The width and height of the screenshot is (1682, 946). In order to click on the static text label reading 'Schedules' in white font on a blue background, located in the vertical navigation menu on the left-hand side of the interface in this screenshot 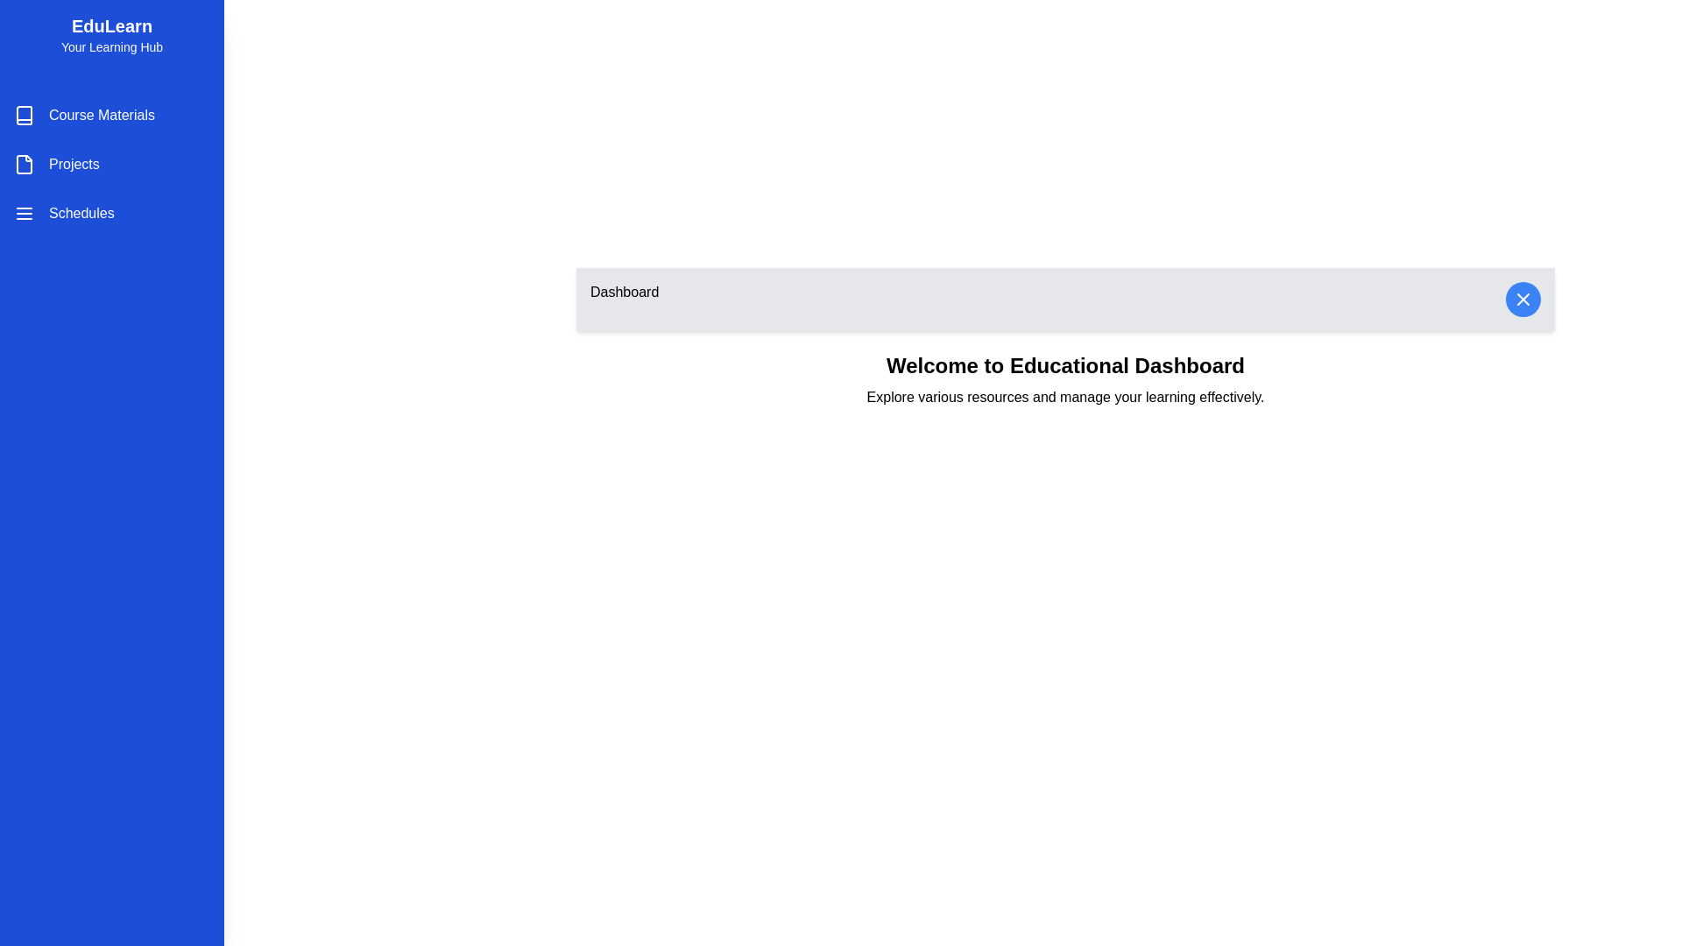, I will do `click(81, 212)`.